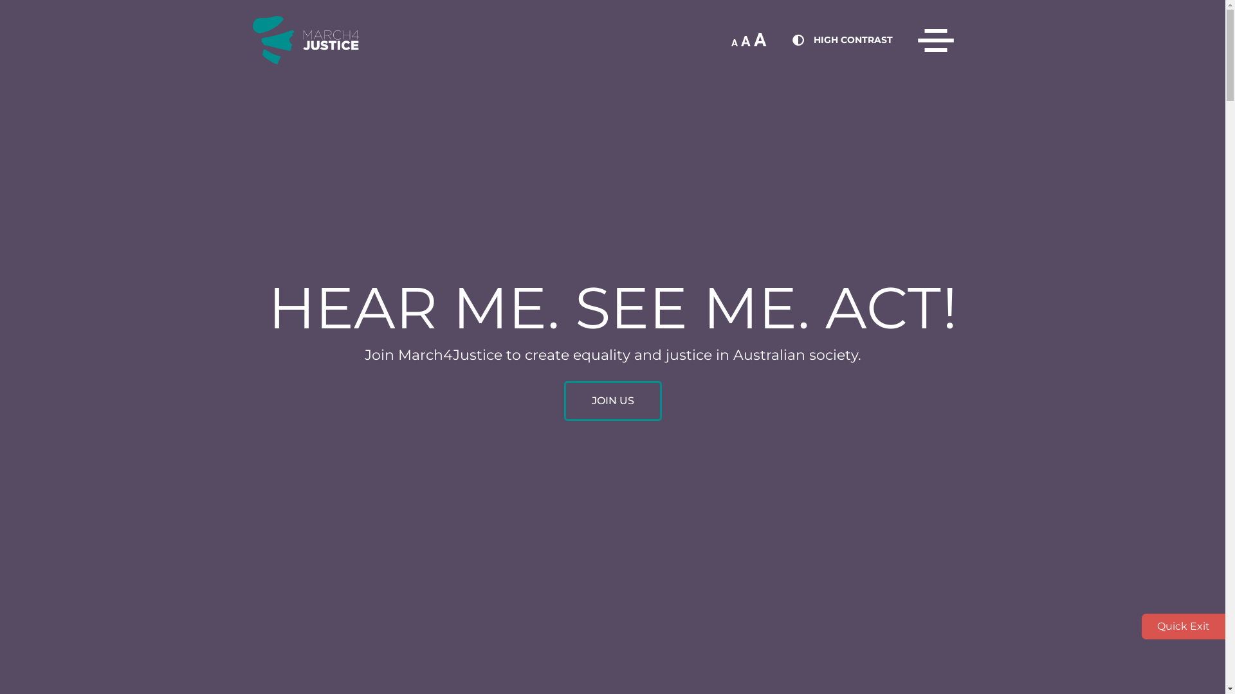  Describe the element at coordinates (852, 39) in the screenshot. I see `'HIGH CONTRAST'` at that location.